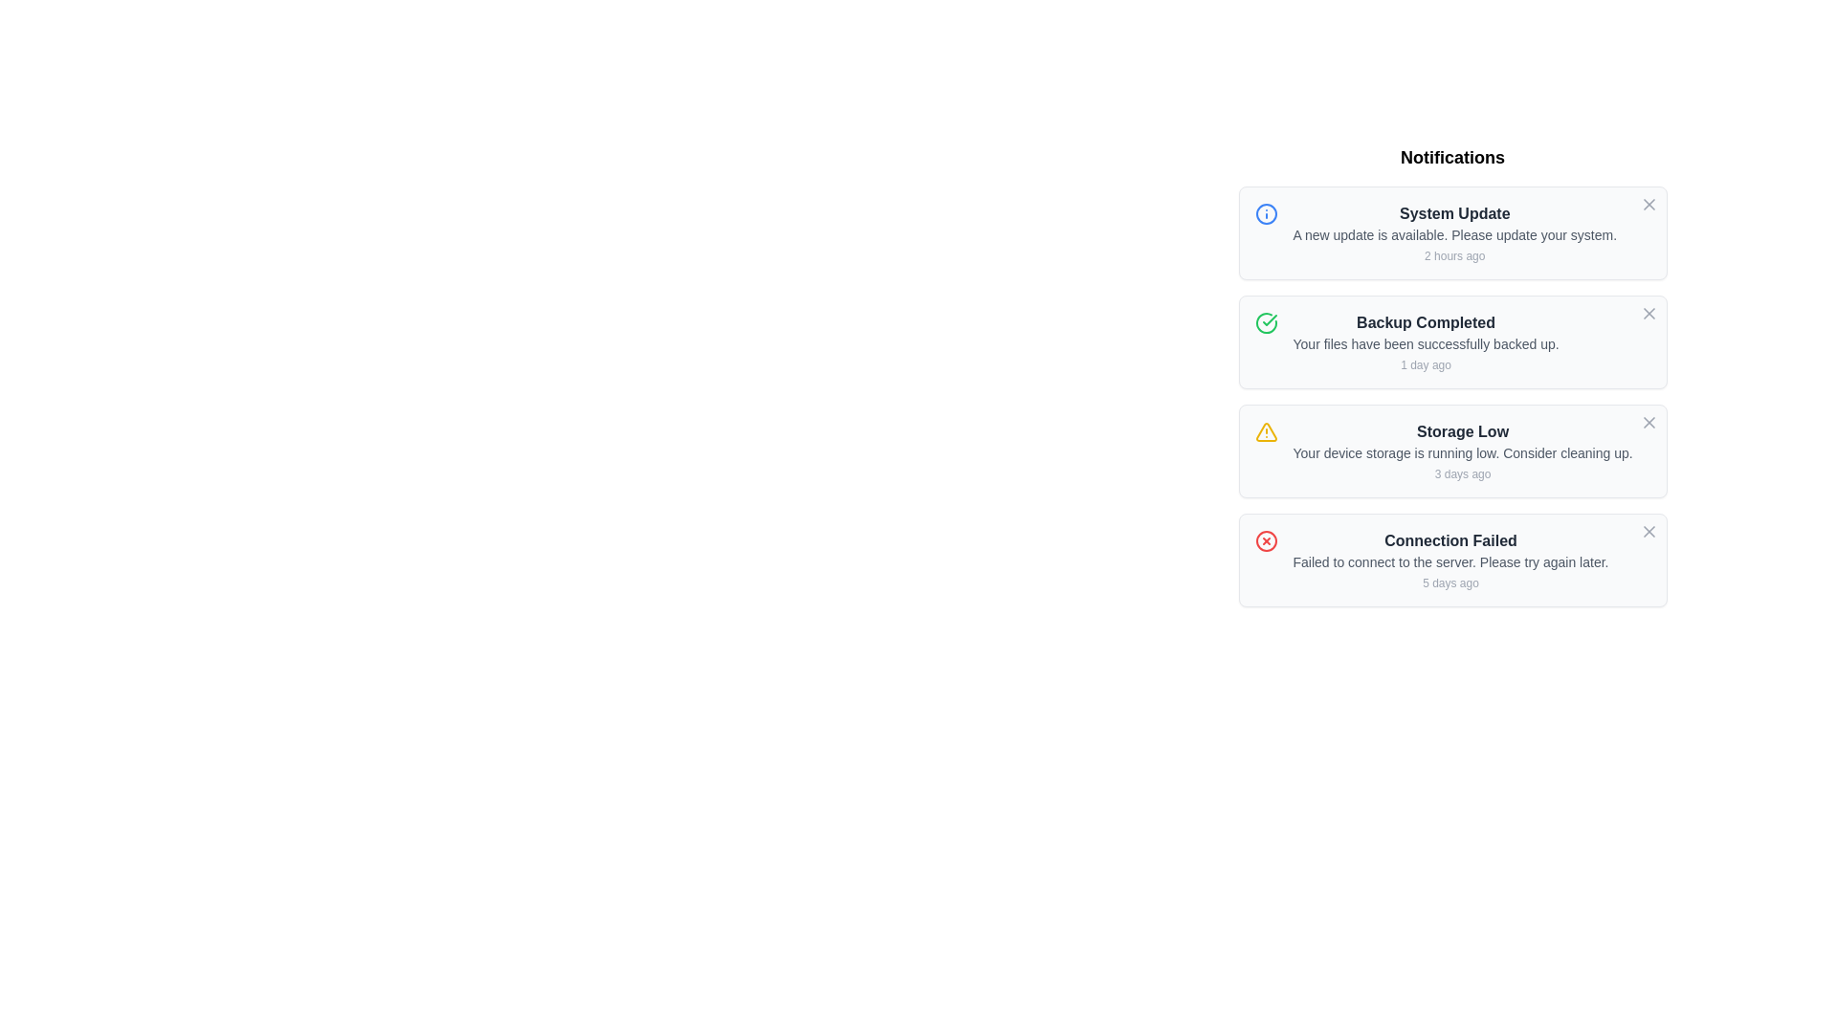 The height and width of the screenshot is (1033, 1837). What do you see at coordinates (1452, 560) in the screenshot?
I see `the fourth notification card about a failed connection attempt located at the bottom of the notification list` at bounding box center [1452, 560].